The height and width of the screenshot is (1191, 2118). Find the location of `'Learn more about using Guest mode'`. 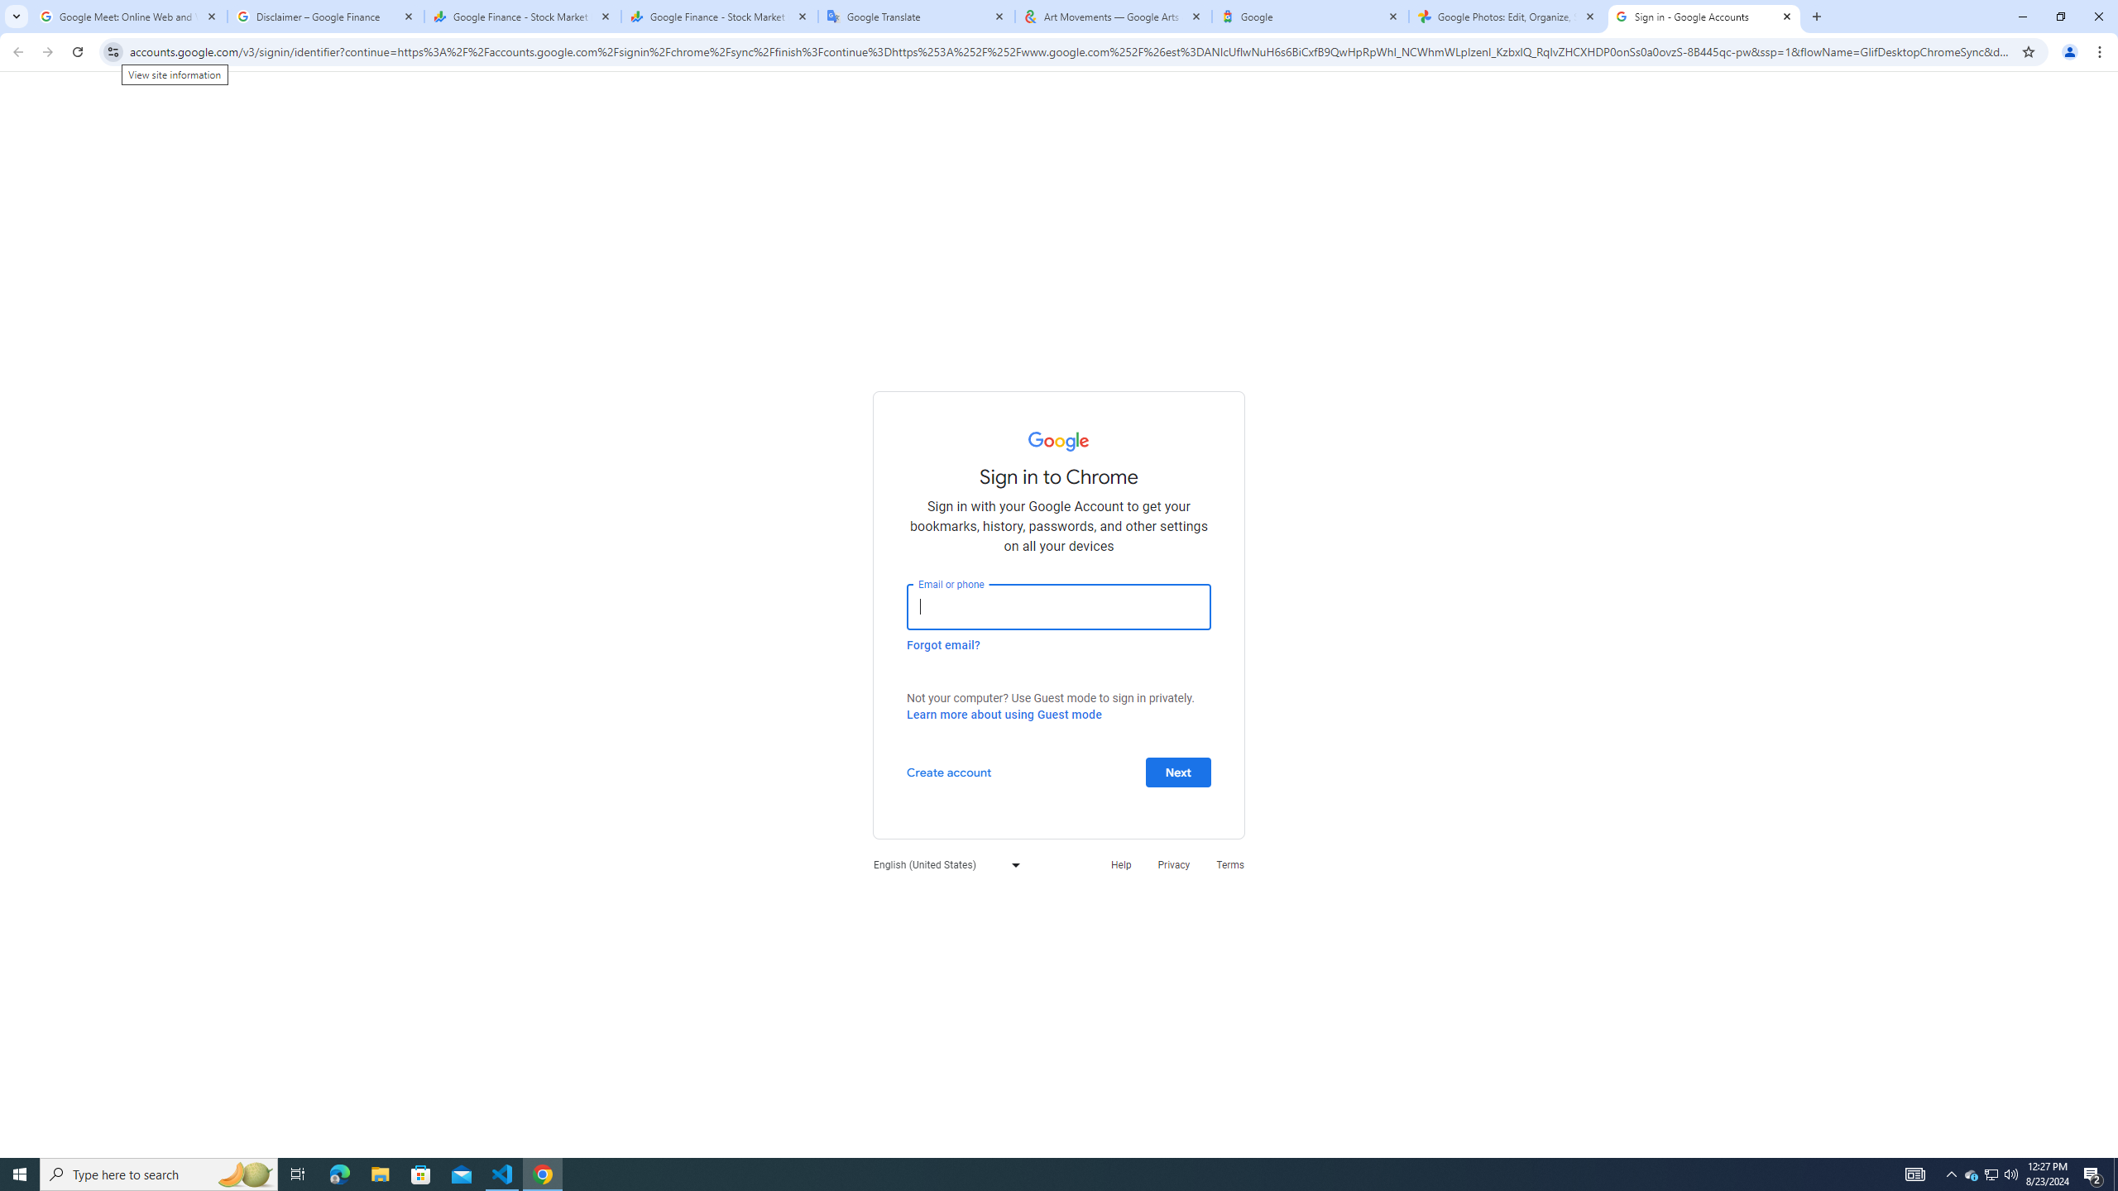

'Learn more about using Guest mode' is located at coordinates (1003, 714).